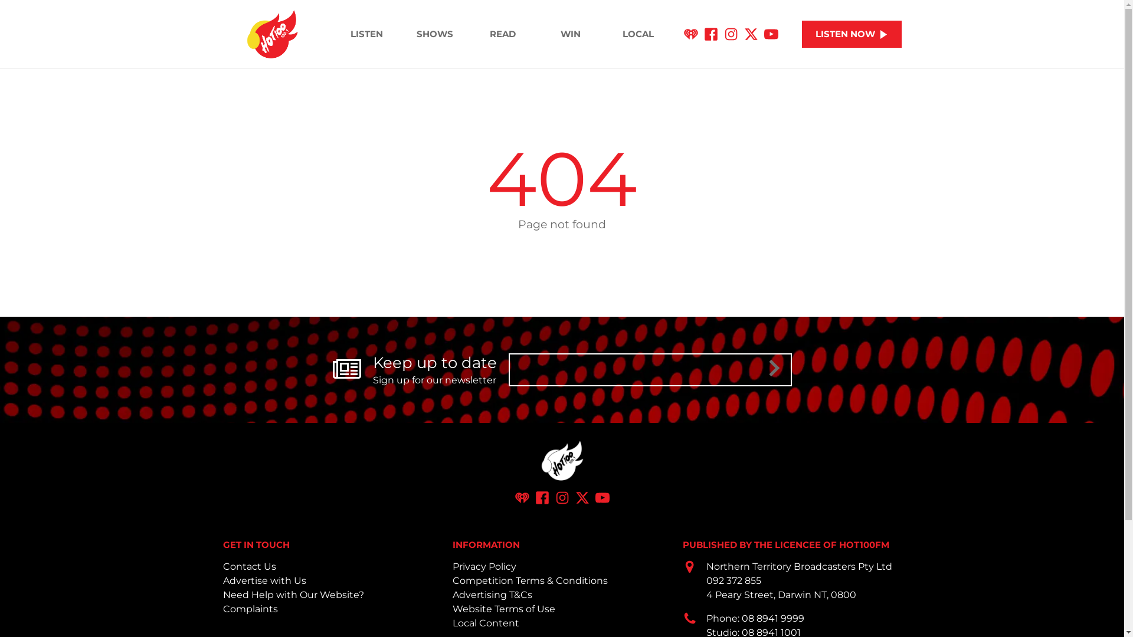 The height and width of the screenshot is (637, 1133). I want to click on 'Complaints', so click(250, 609).